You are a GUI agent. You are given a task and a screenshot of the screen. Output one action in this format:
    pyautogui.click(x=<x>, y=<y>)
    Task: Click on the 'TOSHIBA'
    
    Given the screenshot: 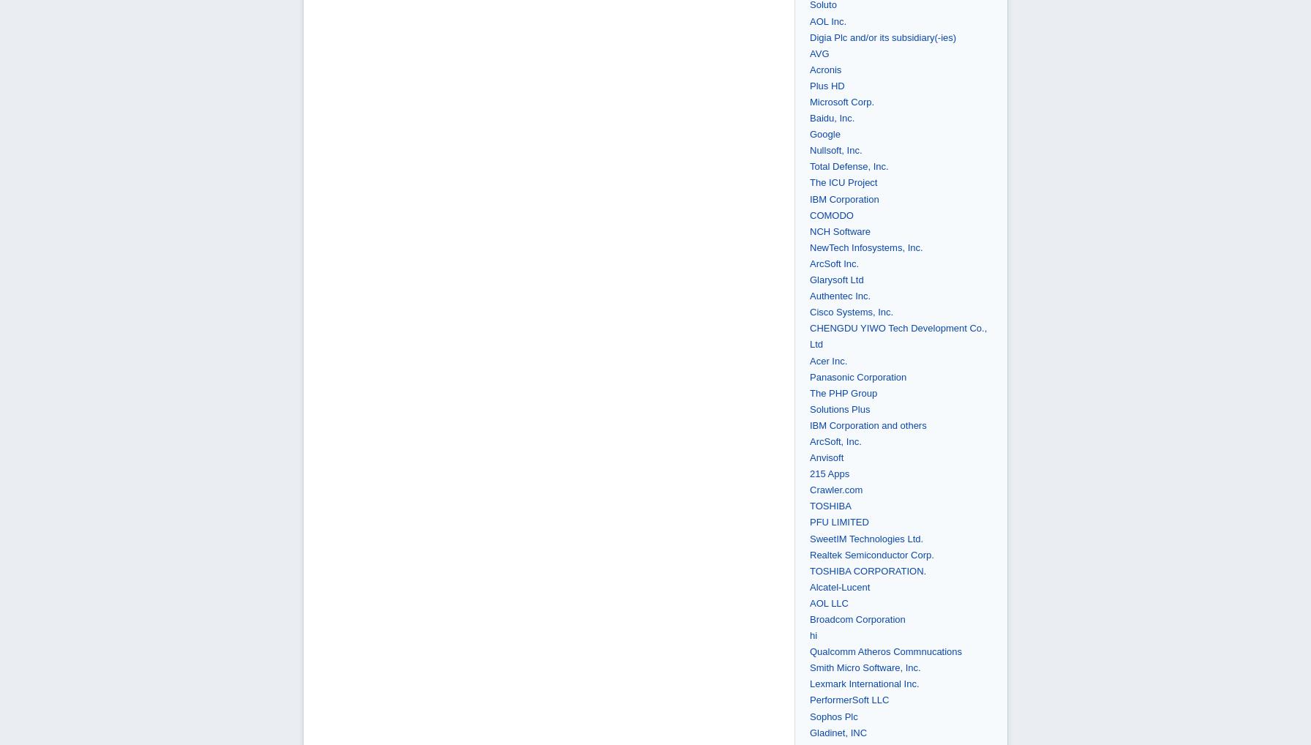 What is the action you would take?
    pyautogui.click(x=830, y=506)
    